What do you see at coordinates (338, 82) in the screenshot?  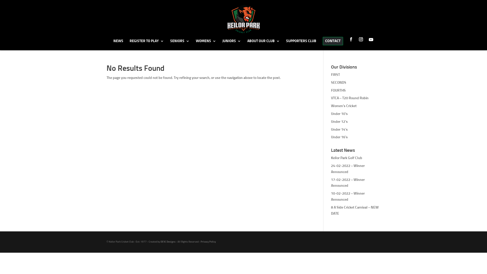 I see `'SECONDS'` at bounding box center [338, 82].